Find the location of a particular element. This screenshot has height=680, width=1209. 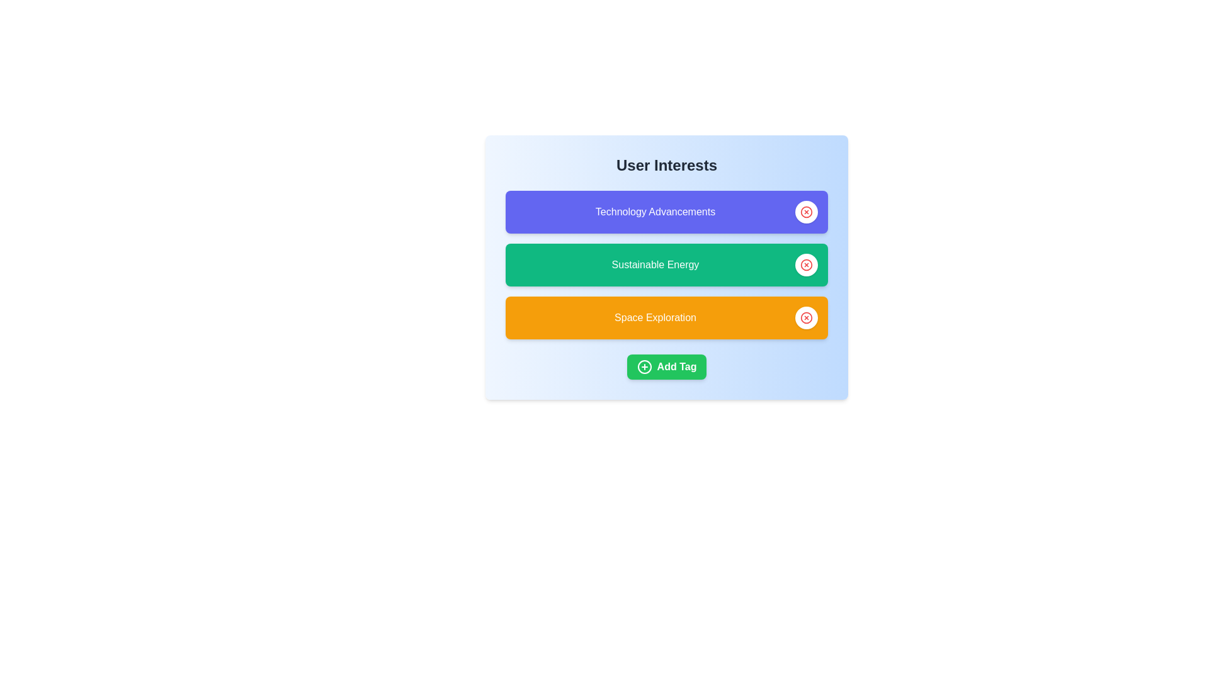

the remove button for the interest tag Sustainable Energy is located at coordinates (807, 264).